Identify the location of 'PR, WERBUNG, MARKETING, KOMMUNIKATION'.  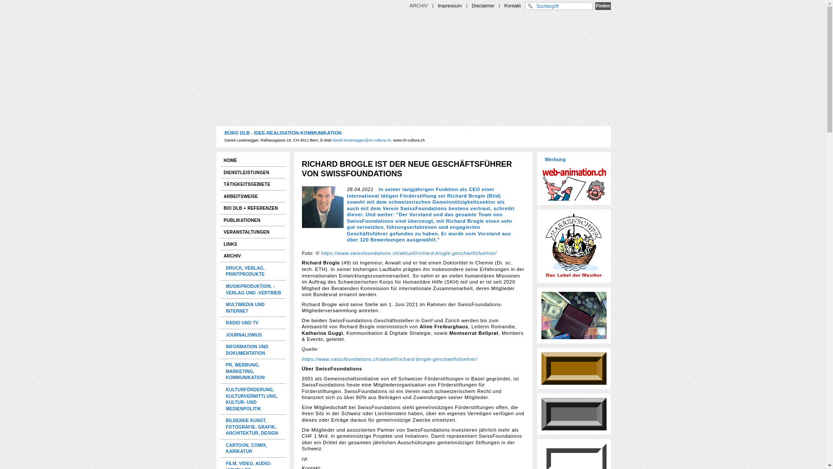
(253, 371).